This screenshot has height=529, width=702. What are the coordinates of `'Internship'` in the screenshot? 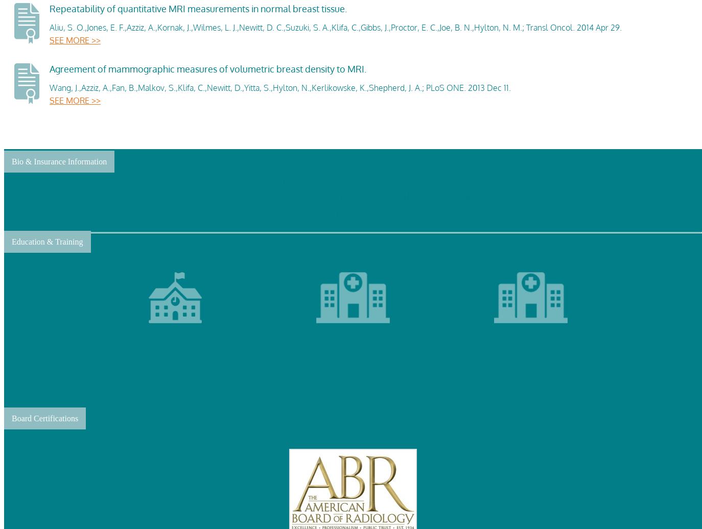 It's located at (352, 382).